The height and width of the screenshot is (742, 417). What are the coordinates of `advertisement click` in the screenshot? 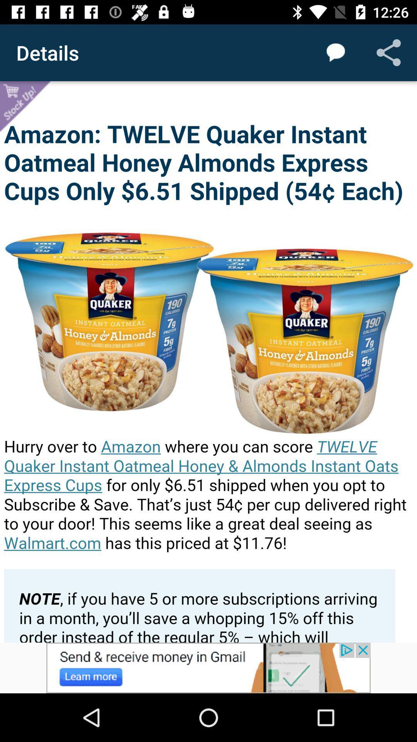 It's located at (208, 667).